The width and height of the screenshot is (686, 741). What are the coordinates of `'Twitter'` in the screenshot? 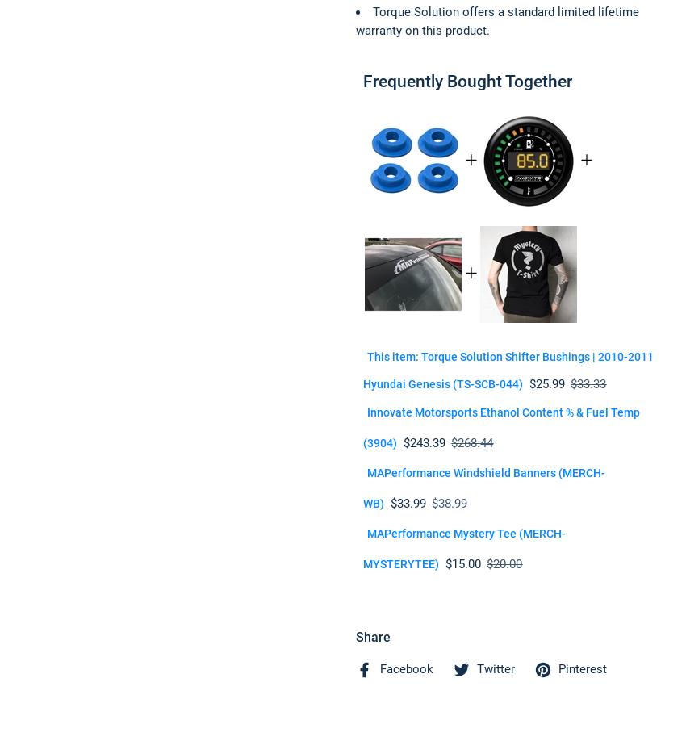 It's located at (477, 669).